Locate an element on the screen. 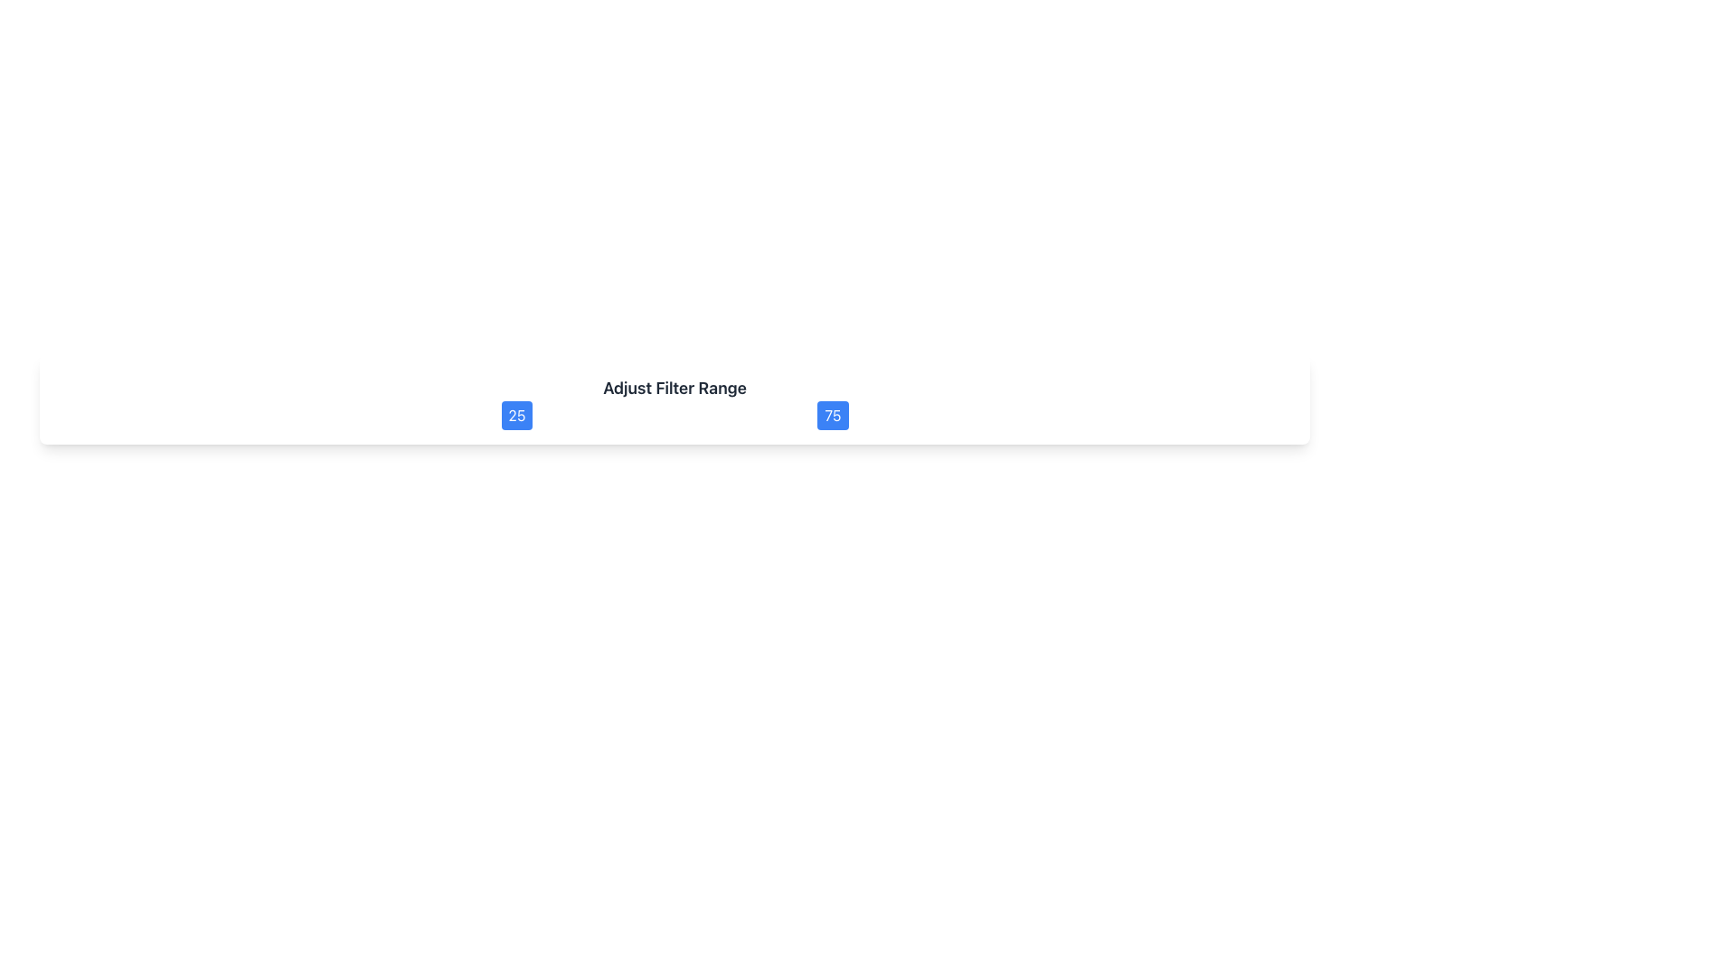 Image resolution: width=1736 pixels, height=976 pixels. slider value is located at coordinates (750, 425).